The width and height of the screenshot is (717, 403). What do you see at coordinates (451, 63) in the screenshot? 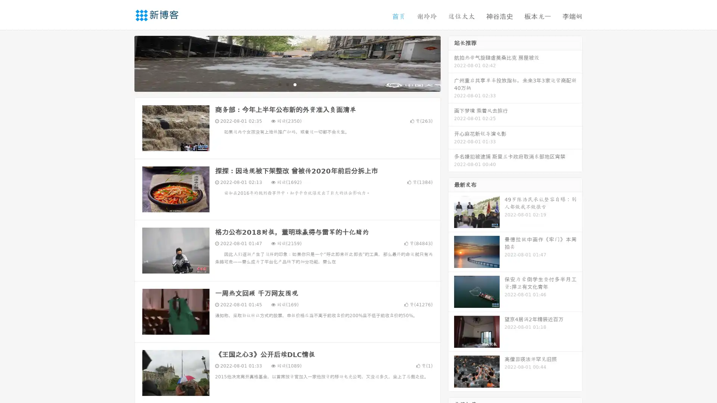
I see `Next slide` at bounding box center [451, 63].